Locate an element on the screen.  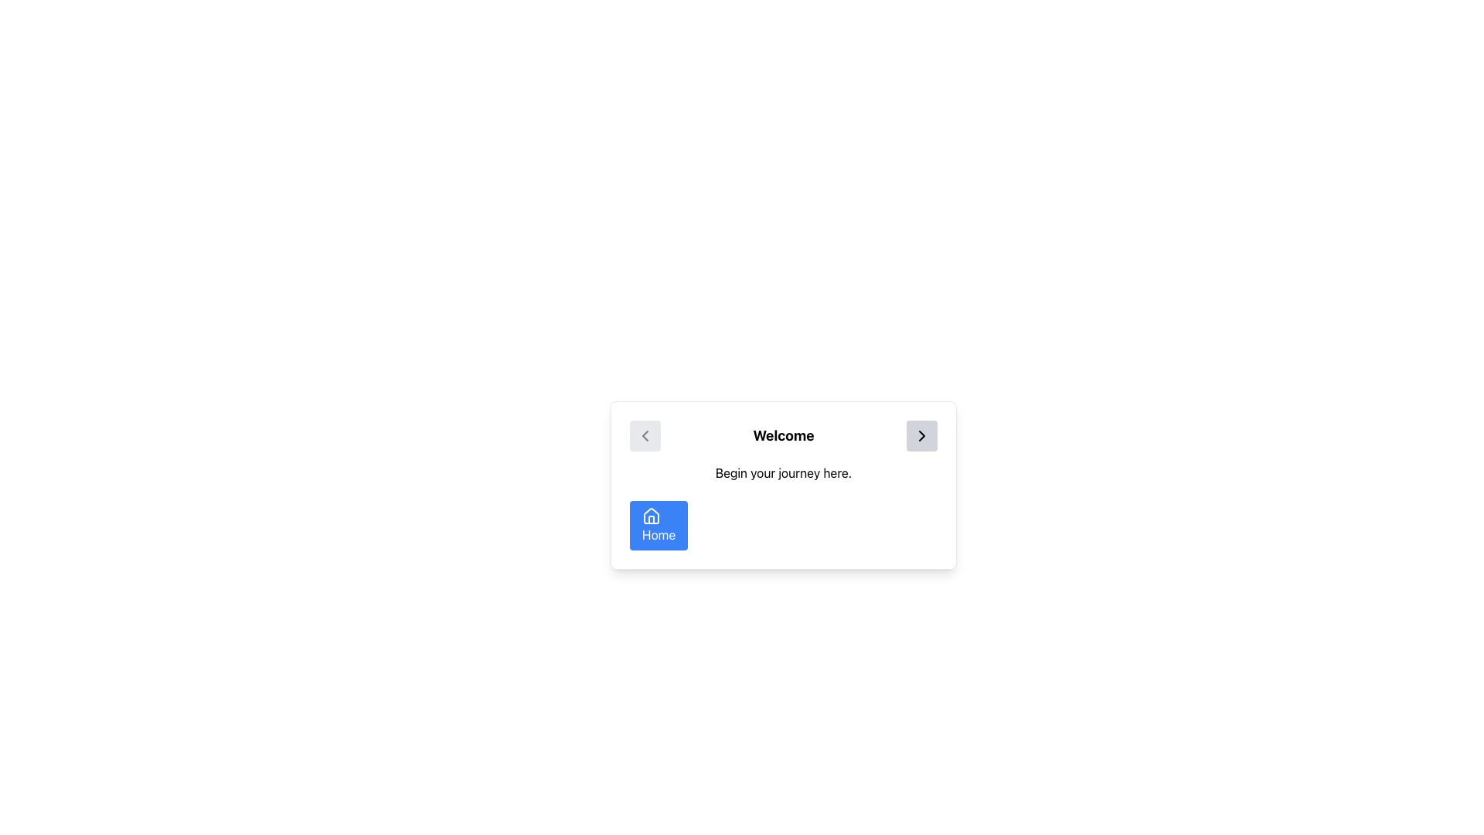
the home icon located within the button labeled 'Home' is located at coordinates (652, 516).